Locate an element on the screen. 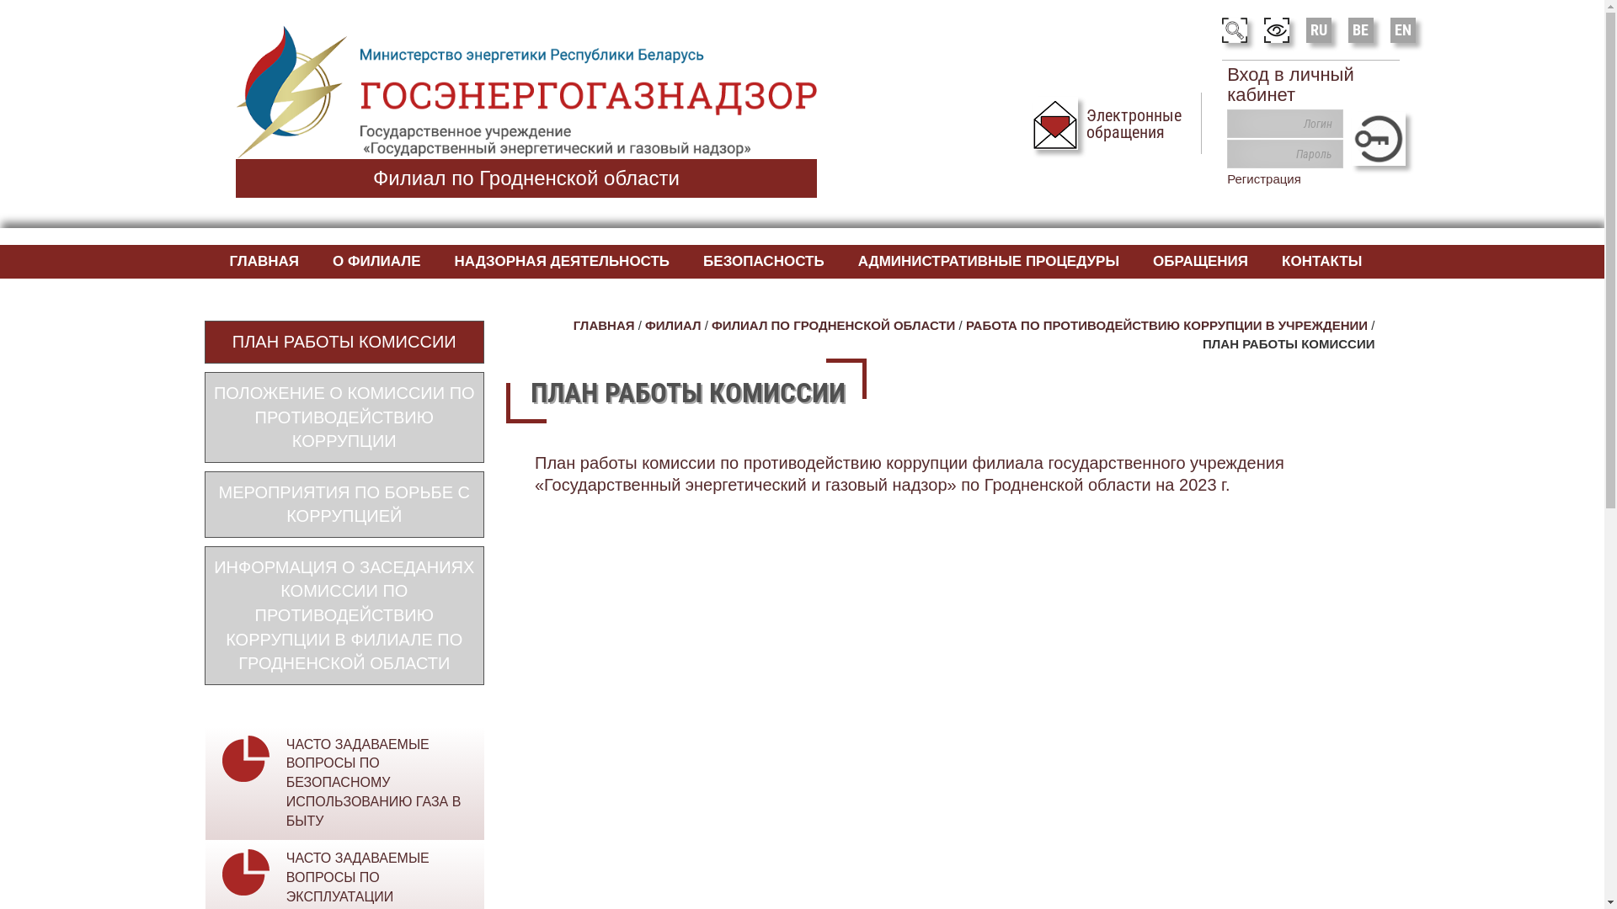 The height and width of the screenshot is (909, 1617). 'BE' is located at coordinates (1361, 29).